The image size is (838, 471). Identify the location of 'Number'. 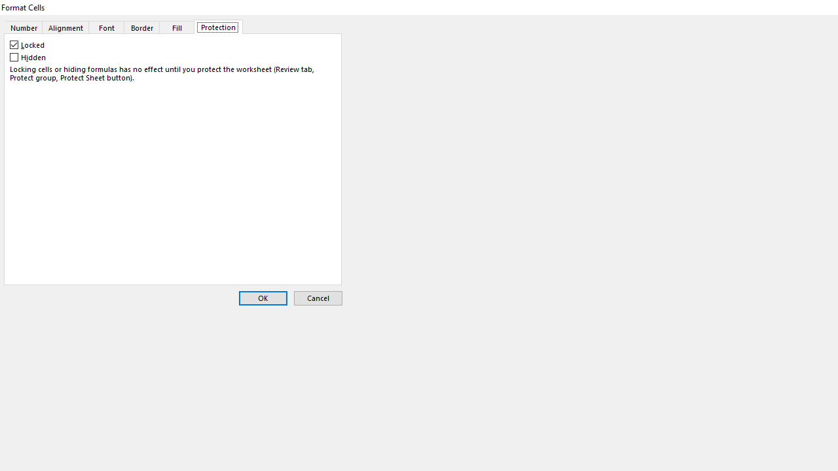
(23, 27).